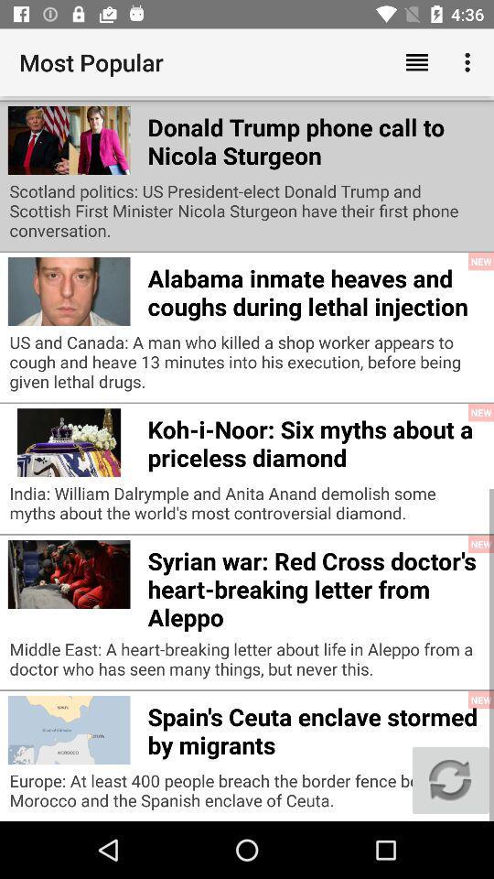 Image resolution: width=494 pixels, height=879 pixels. I want to click on the syrian war red, so click(315, 585).